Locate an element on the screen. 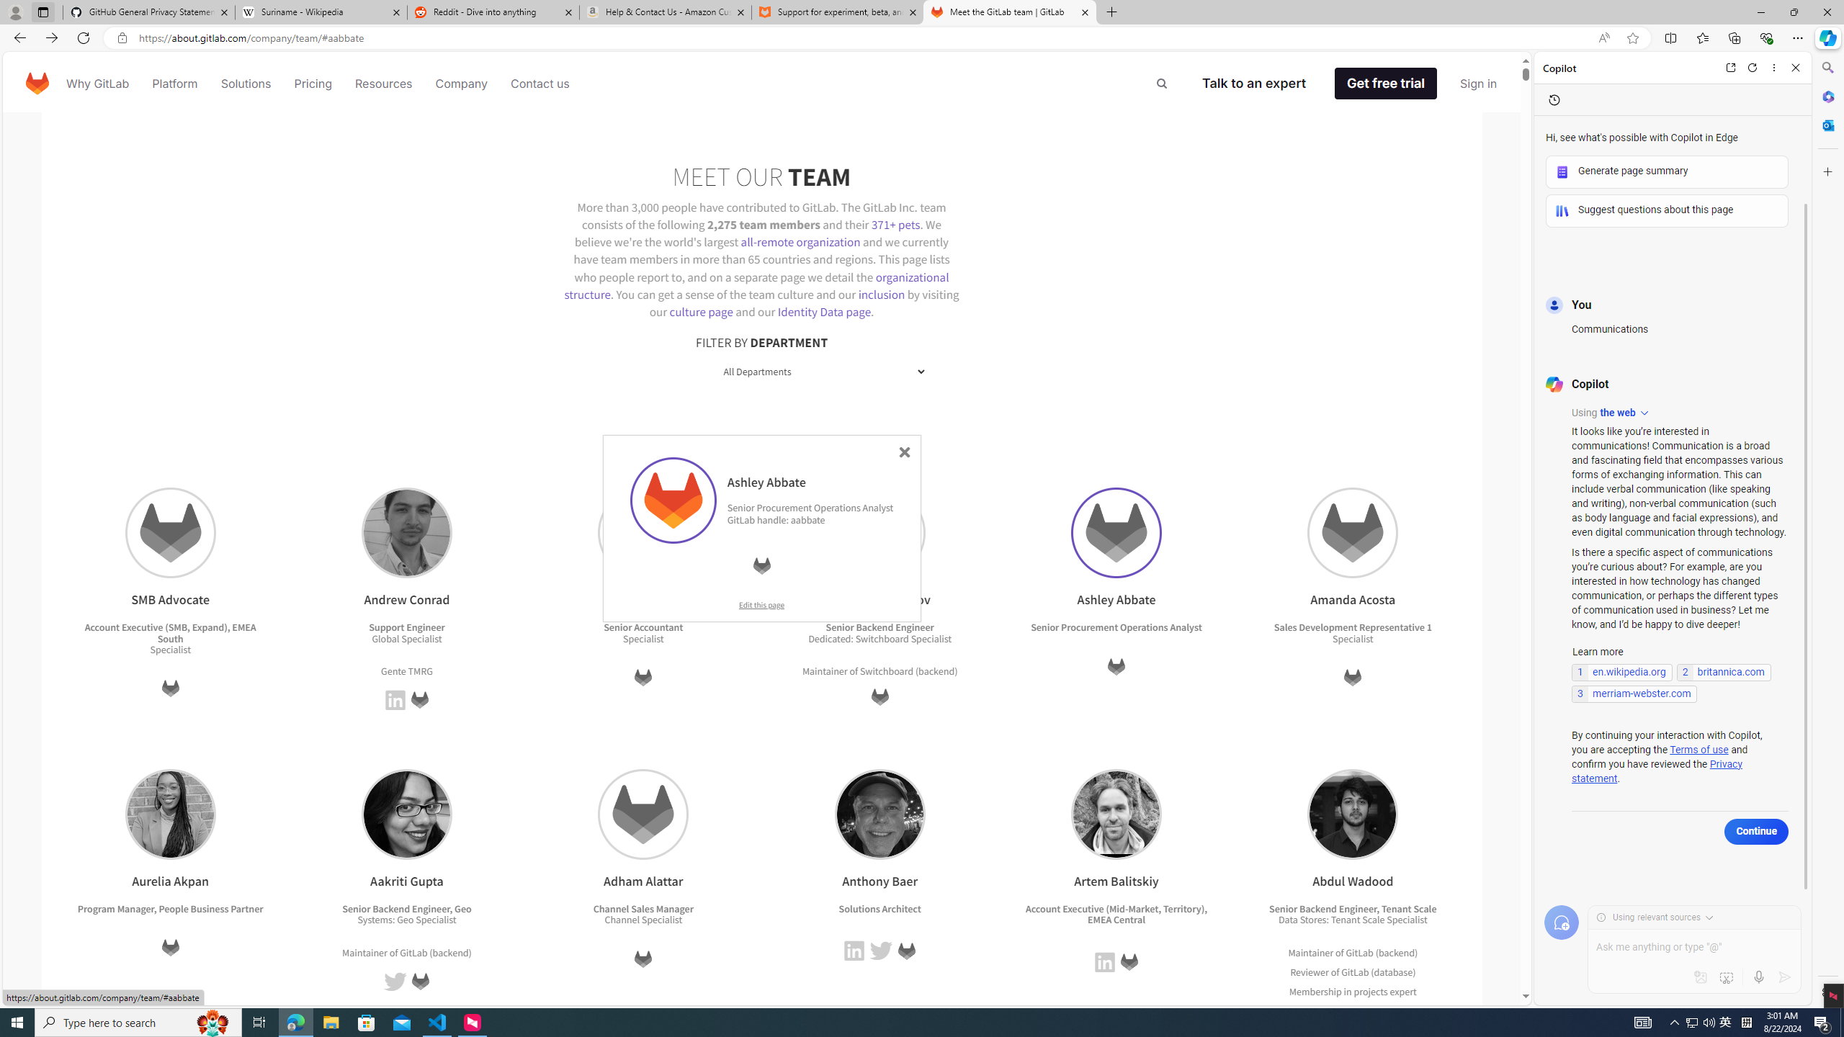 The width and height of the screenshot is (1844, 1037). 'Andrew Conrad' is located at coordinates (406, 532).